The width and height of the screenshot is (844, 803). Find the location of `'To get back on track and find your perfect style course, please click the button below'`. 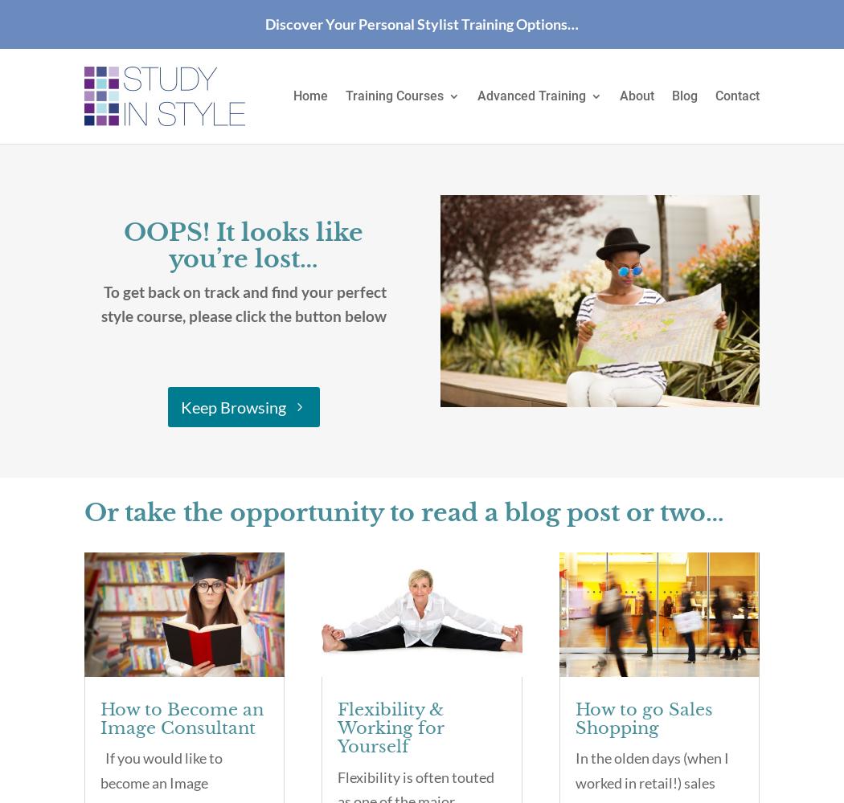

'To get back on track and find your perfect style course, please click the button below' is located at coordinates (244, 304).